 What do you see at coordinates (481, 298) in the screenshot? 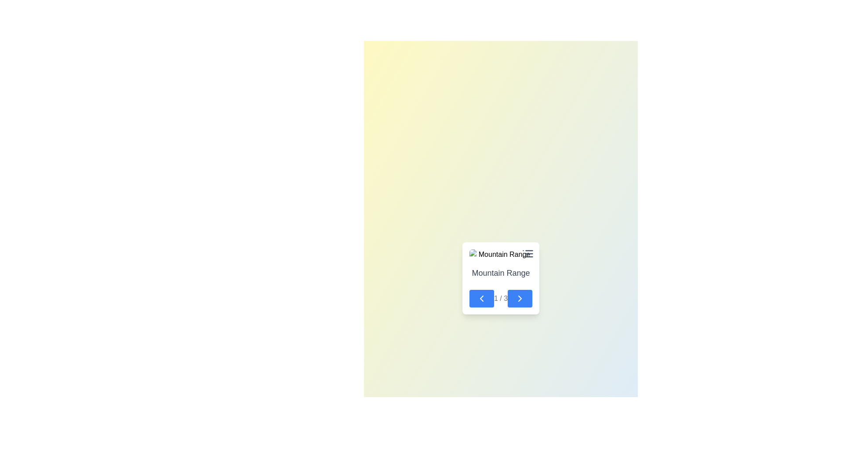
I see `the triangular-shaped 'chevron left' arrow icon located in the leftward navigation button of the carousel` at bounding box center [481, 298].